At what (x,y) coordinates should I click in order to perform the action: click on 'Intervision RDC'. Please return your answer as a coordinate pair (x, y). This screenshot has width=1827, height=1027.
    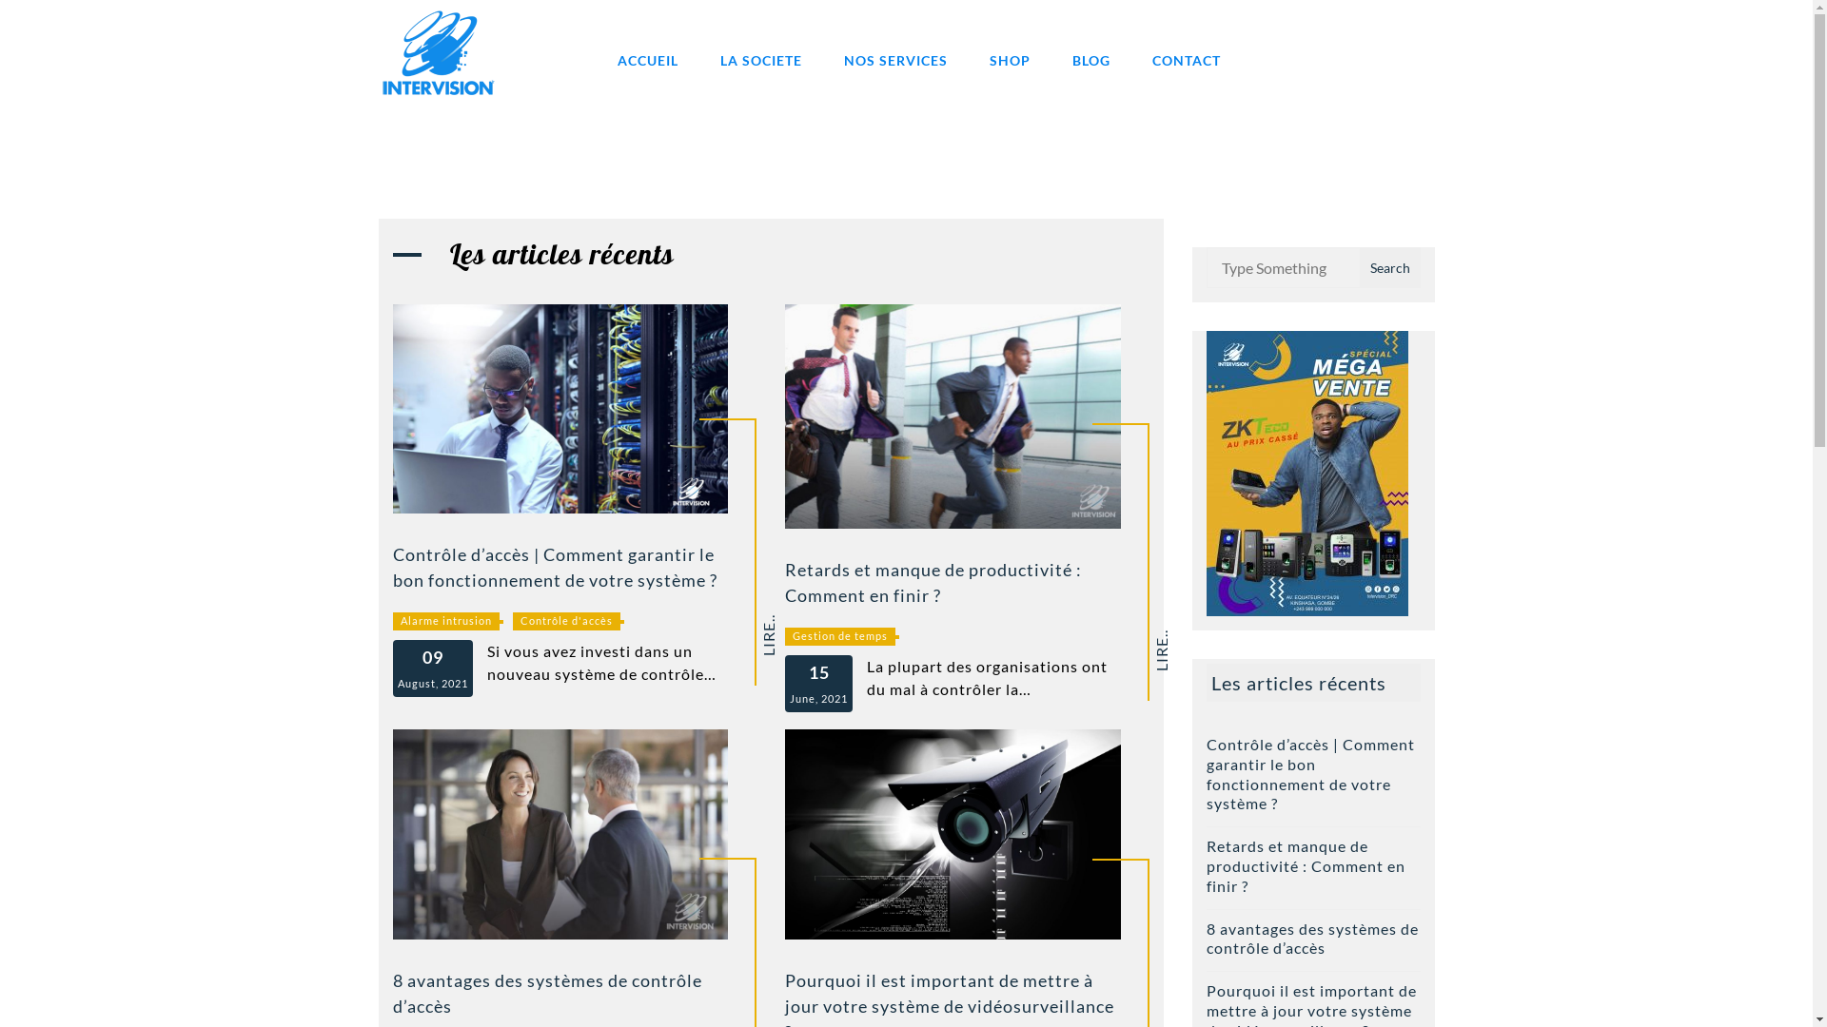
    Looking at the image, I should click on (573, 121).